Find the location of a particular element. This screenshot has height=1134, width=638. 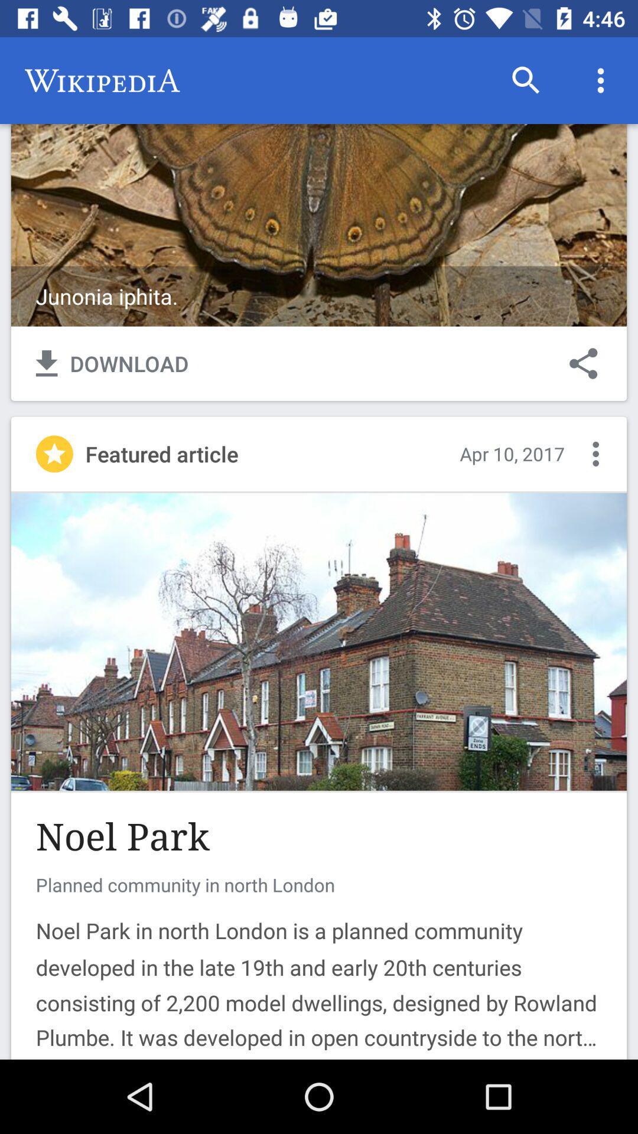

icon above the junonia iphita. icon is located at coordinates (601, 80).